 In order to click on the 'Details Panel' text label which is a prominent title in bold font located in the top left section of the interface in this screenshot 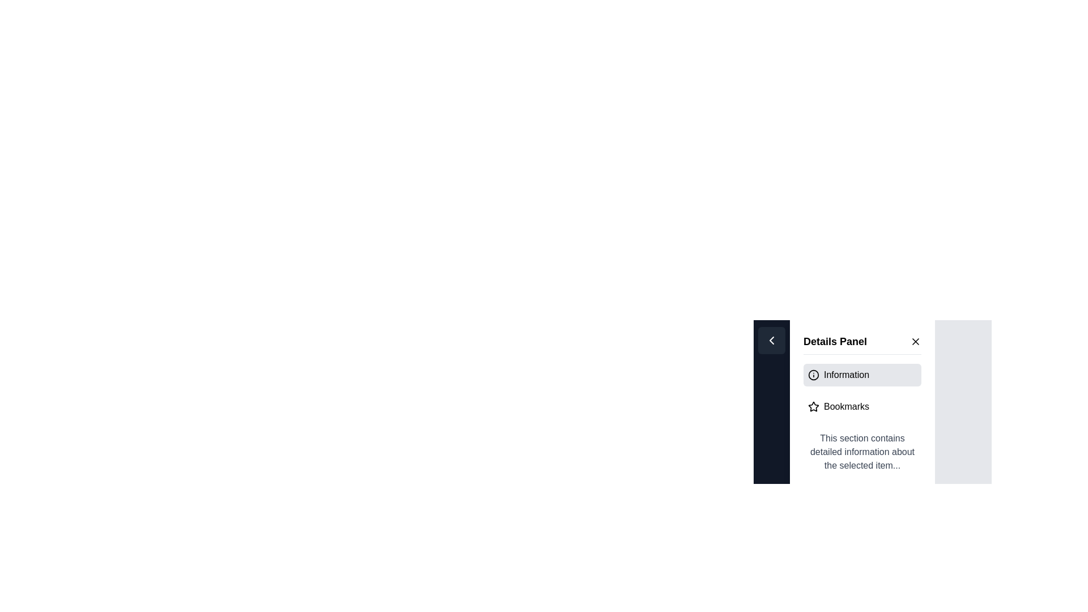, I will do `click(835, 341)`.